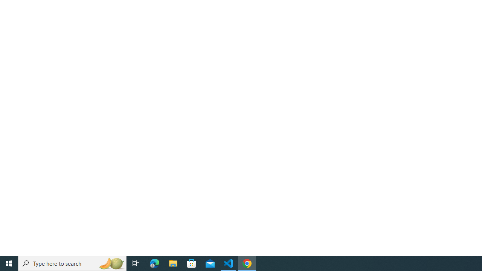 Image resolution: width=482 pixels, height=271 pixels. I want to click on 'Search highlights icon opens search home window', so click(111, 263).